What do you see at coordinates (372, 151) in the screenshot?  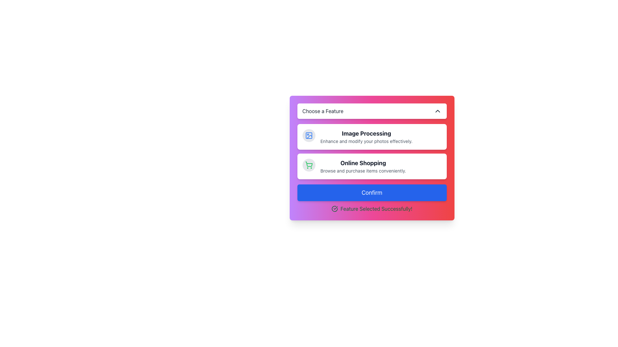 I see `the first clickable card element in the vertically aligned list below the 'Choose a Feature' header` at bounding box center [372, 151].